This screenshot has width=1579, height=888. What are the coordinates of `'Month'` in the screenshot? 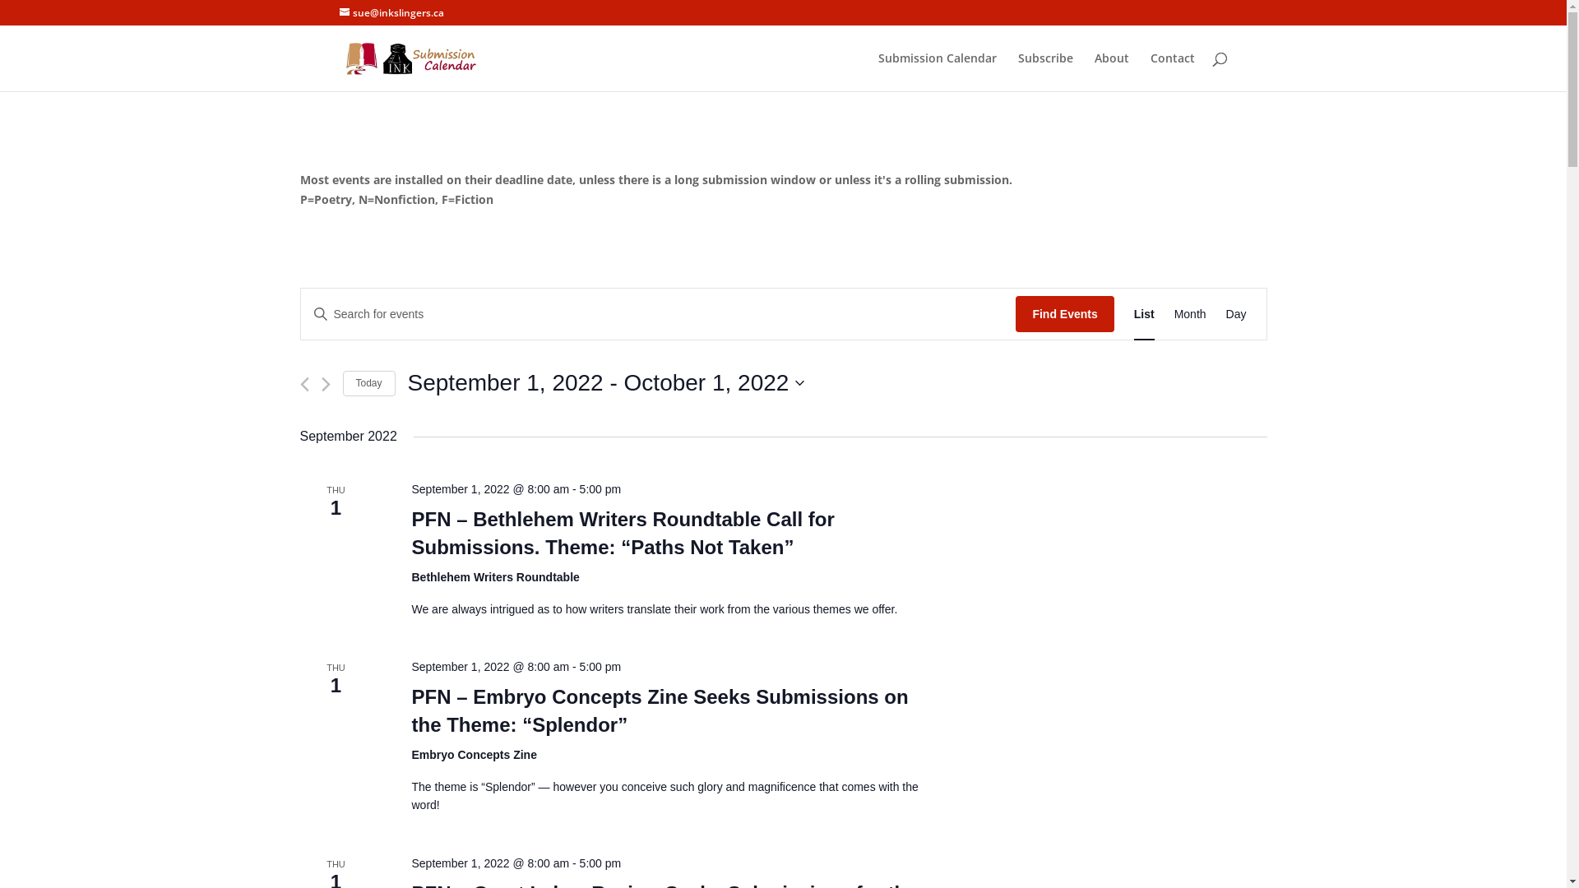 It's located at (1190, 314).